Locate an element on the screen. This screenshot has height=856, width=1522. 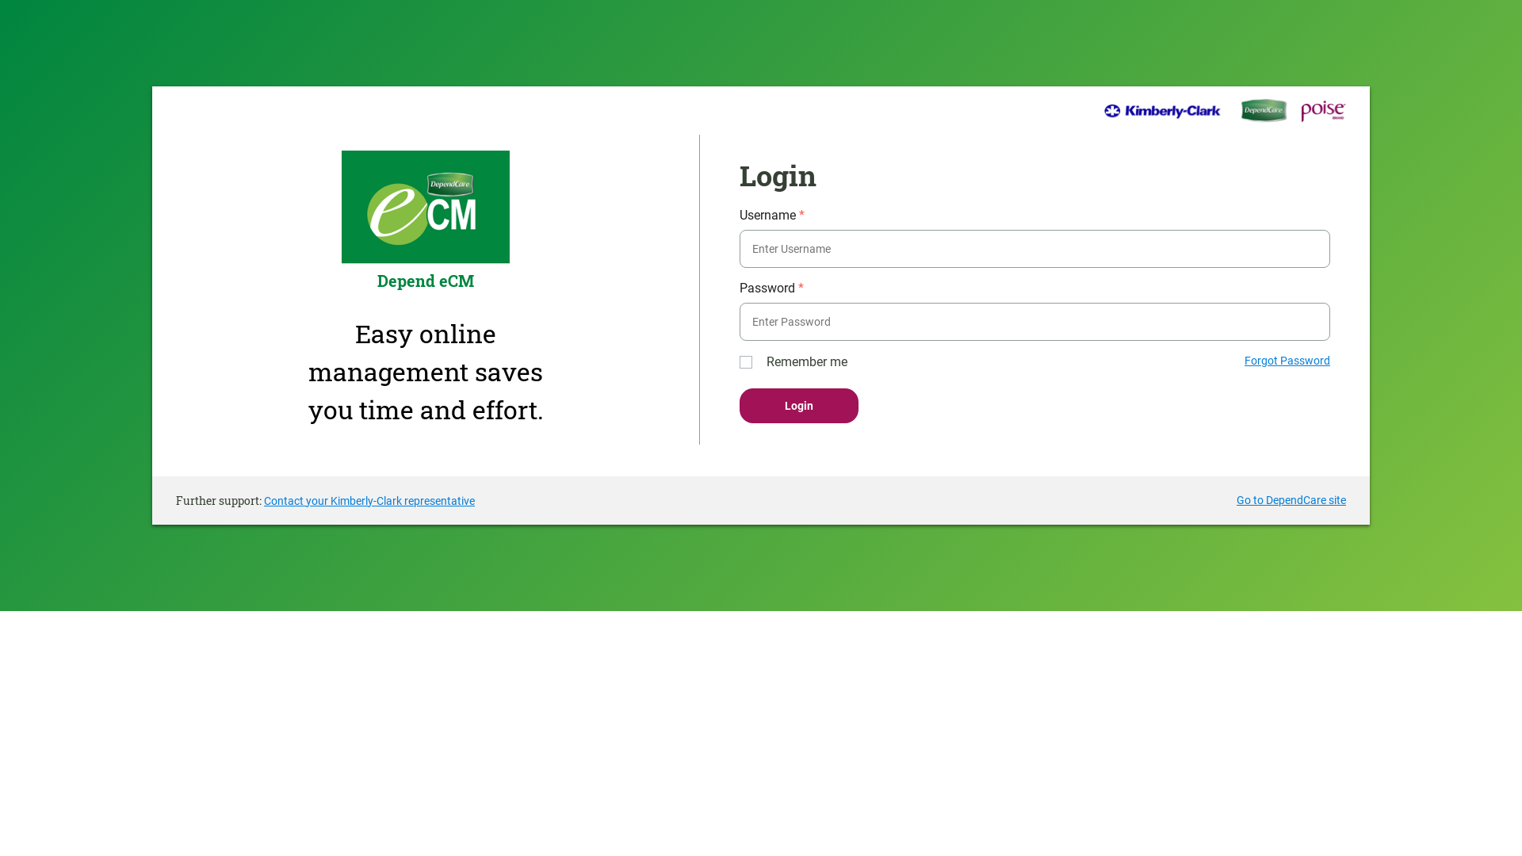
'Go to DependCare site' is located at coordinates (1291, 500).